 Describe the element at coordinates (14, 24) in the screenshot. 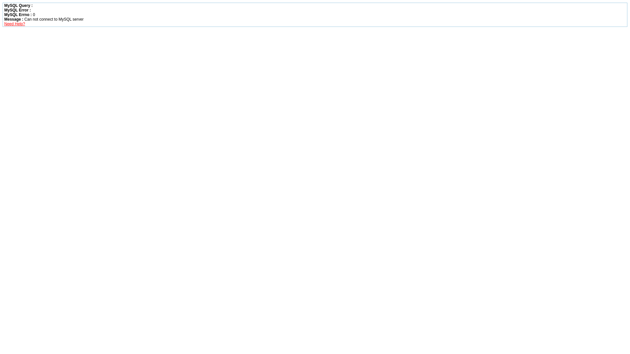

I see `'Need Help?'` at that location.